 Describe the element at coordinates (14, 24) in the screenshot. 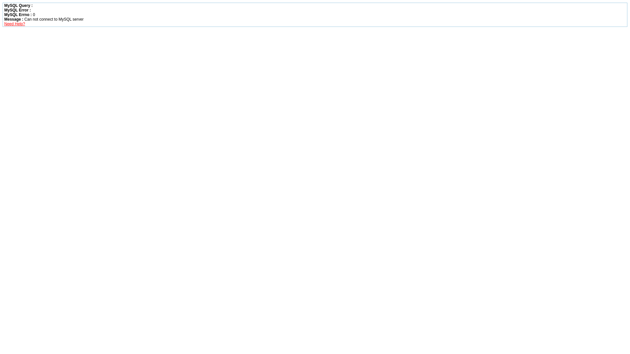

I see `'Need Help?'` at that location.